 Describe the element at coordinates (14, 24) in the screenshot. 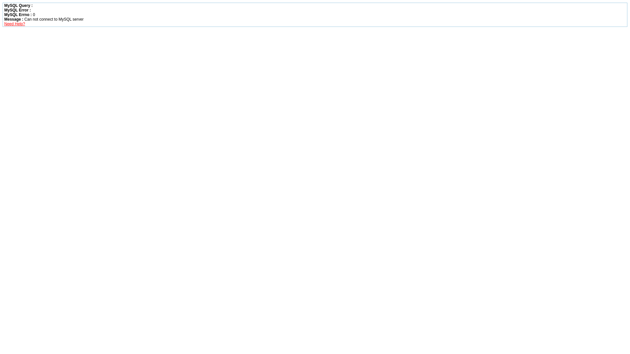

I see `'Need Help?'` at that location.